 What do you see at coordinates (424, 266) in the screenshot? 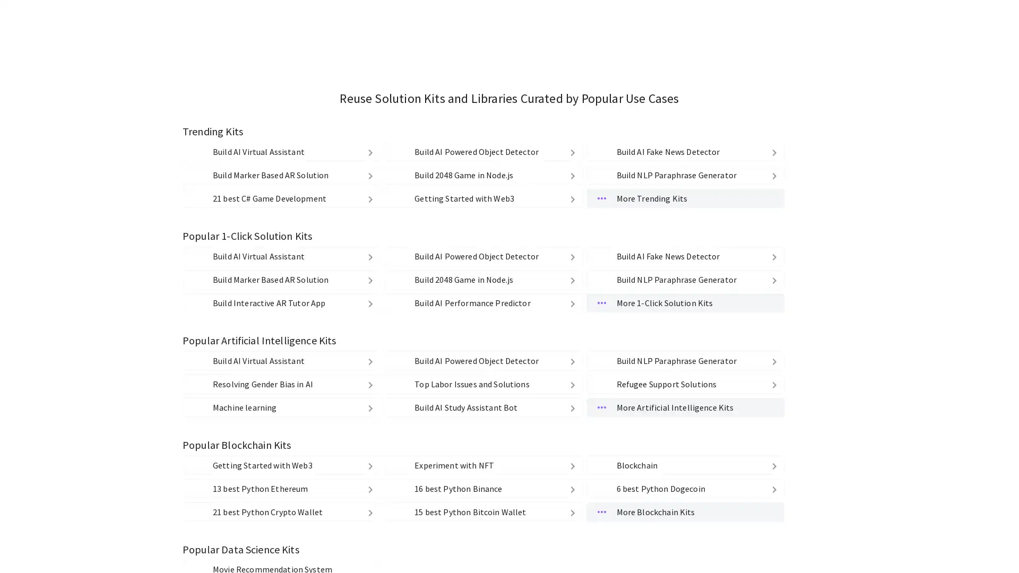
I see `Ruby Ruby` at bounding box center [424, 266].